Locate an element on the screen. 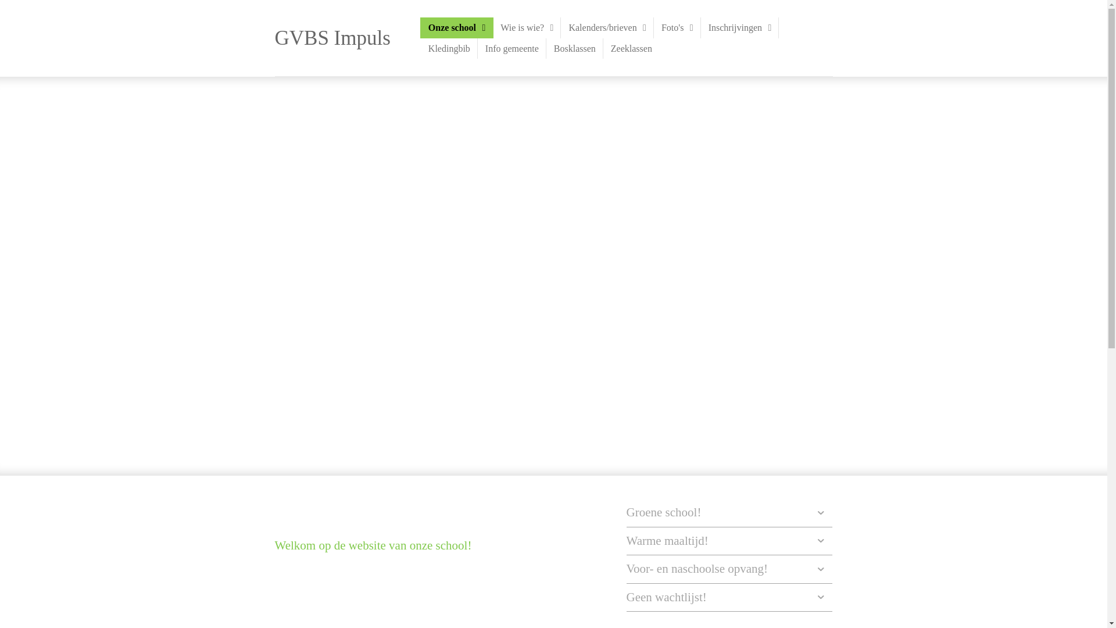 This screenshot has width=1116, height=628. 'Kledingbib' is located at coordinates (420, 48).